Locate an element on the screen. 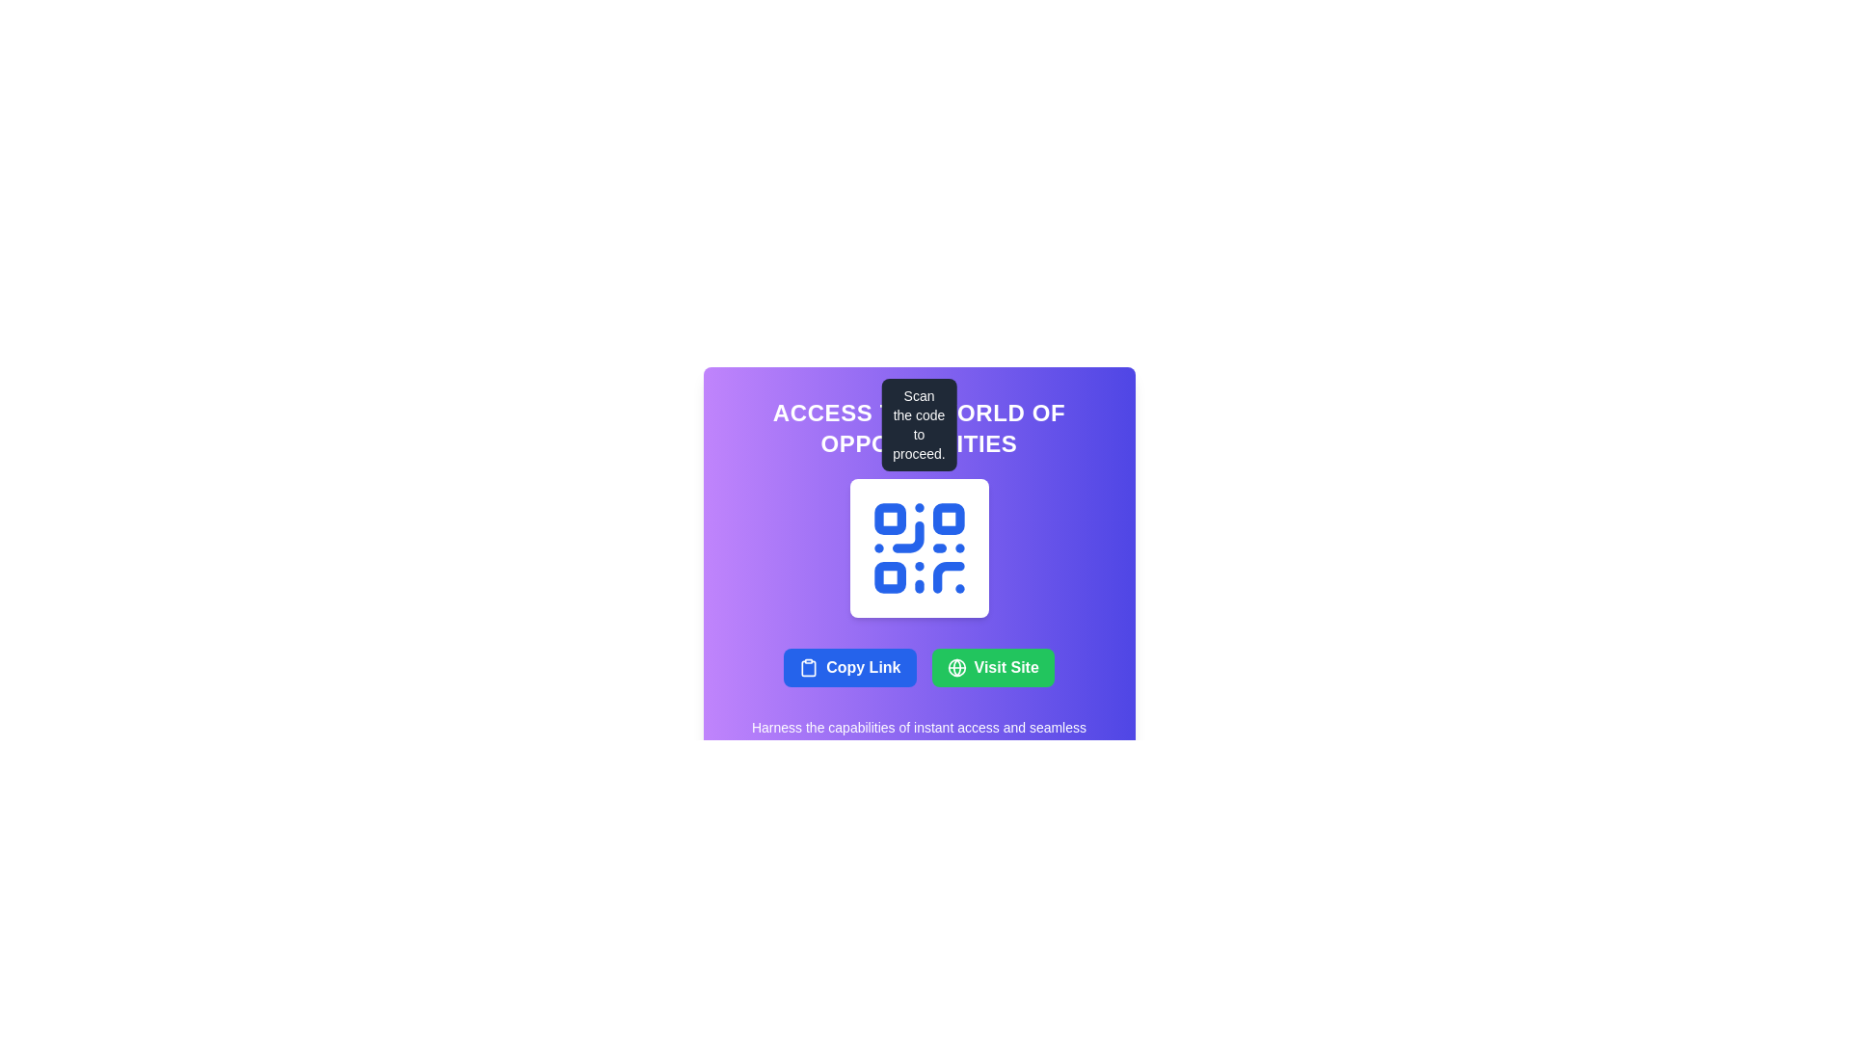 This screenshot has width=1851, height=1041. the small rounded rectangle located in the bottom left corner of the QR code, which has a noticeable border and is part of the QR-code design is located at coordinates (889, 576).